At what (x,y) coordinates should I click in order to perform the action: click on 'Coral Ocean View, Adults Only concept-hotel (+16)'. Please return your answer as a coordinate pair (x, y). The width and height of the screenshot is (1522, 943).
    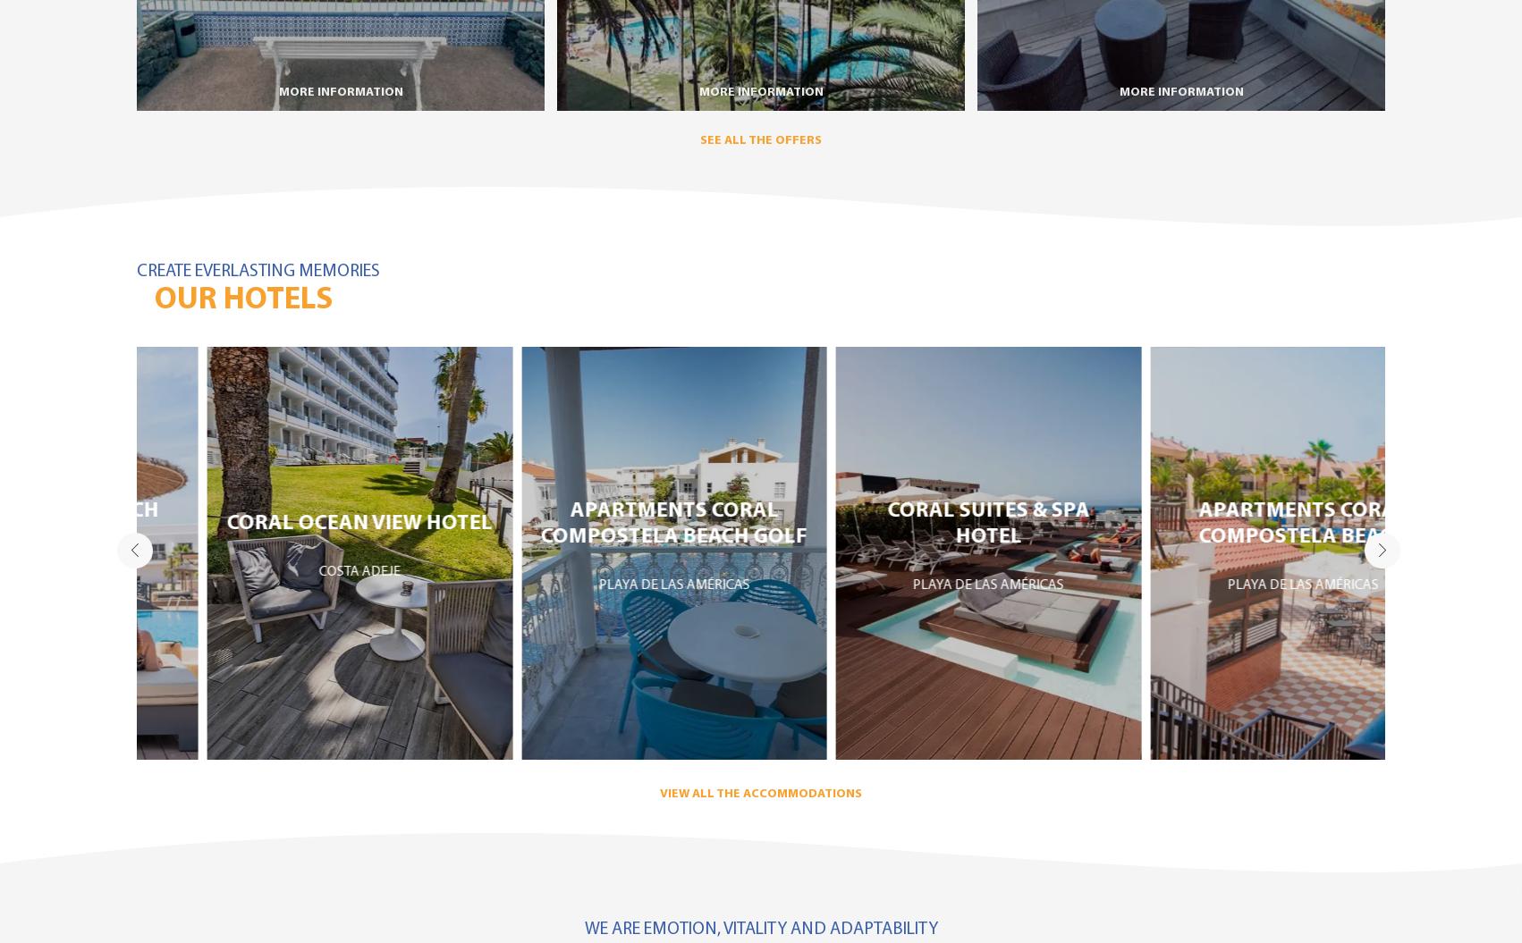
    Looking at the image, I should click on (288, 613).